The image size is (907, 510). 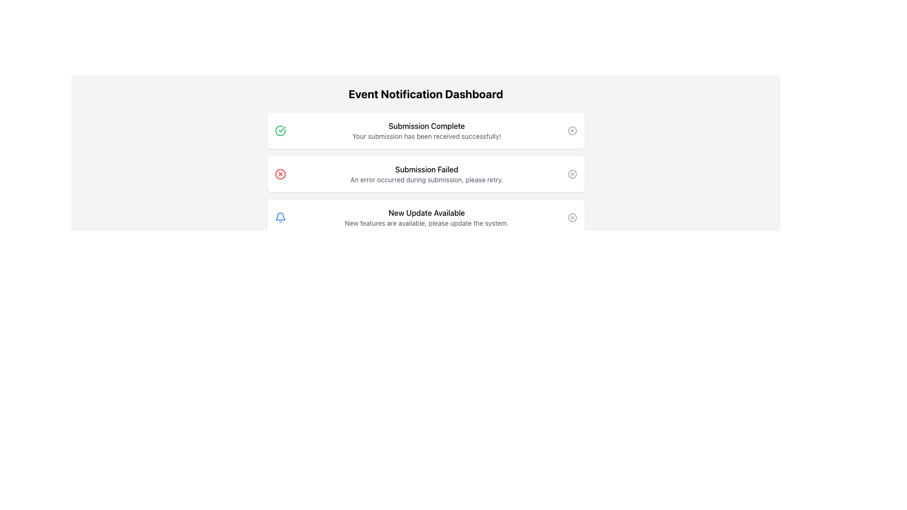 I want to click on the interactive elements within the Notification Card titled 'New Update Available', which has a white background and rounded corners, located at the bottom of a list of cards, so click(x=425, y=218).